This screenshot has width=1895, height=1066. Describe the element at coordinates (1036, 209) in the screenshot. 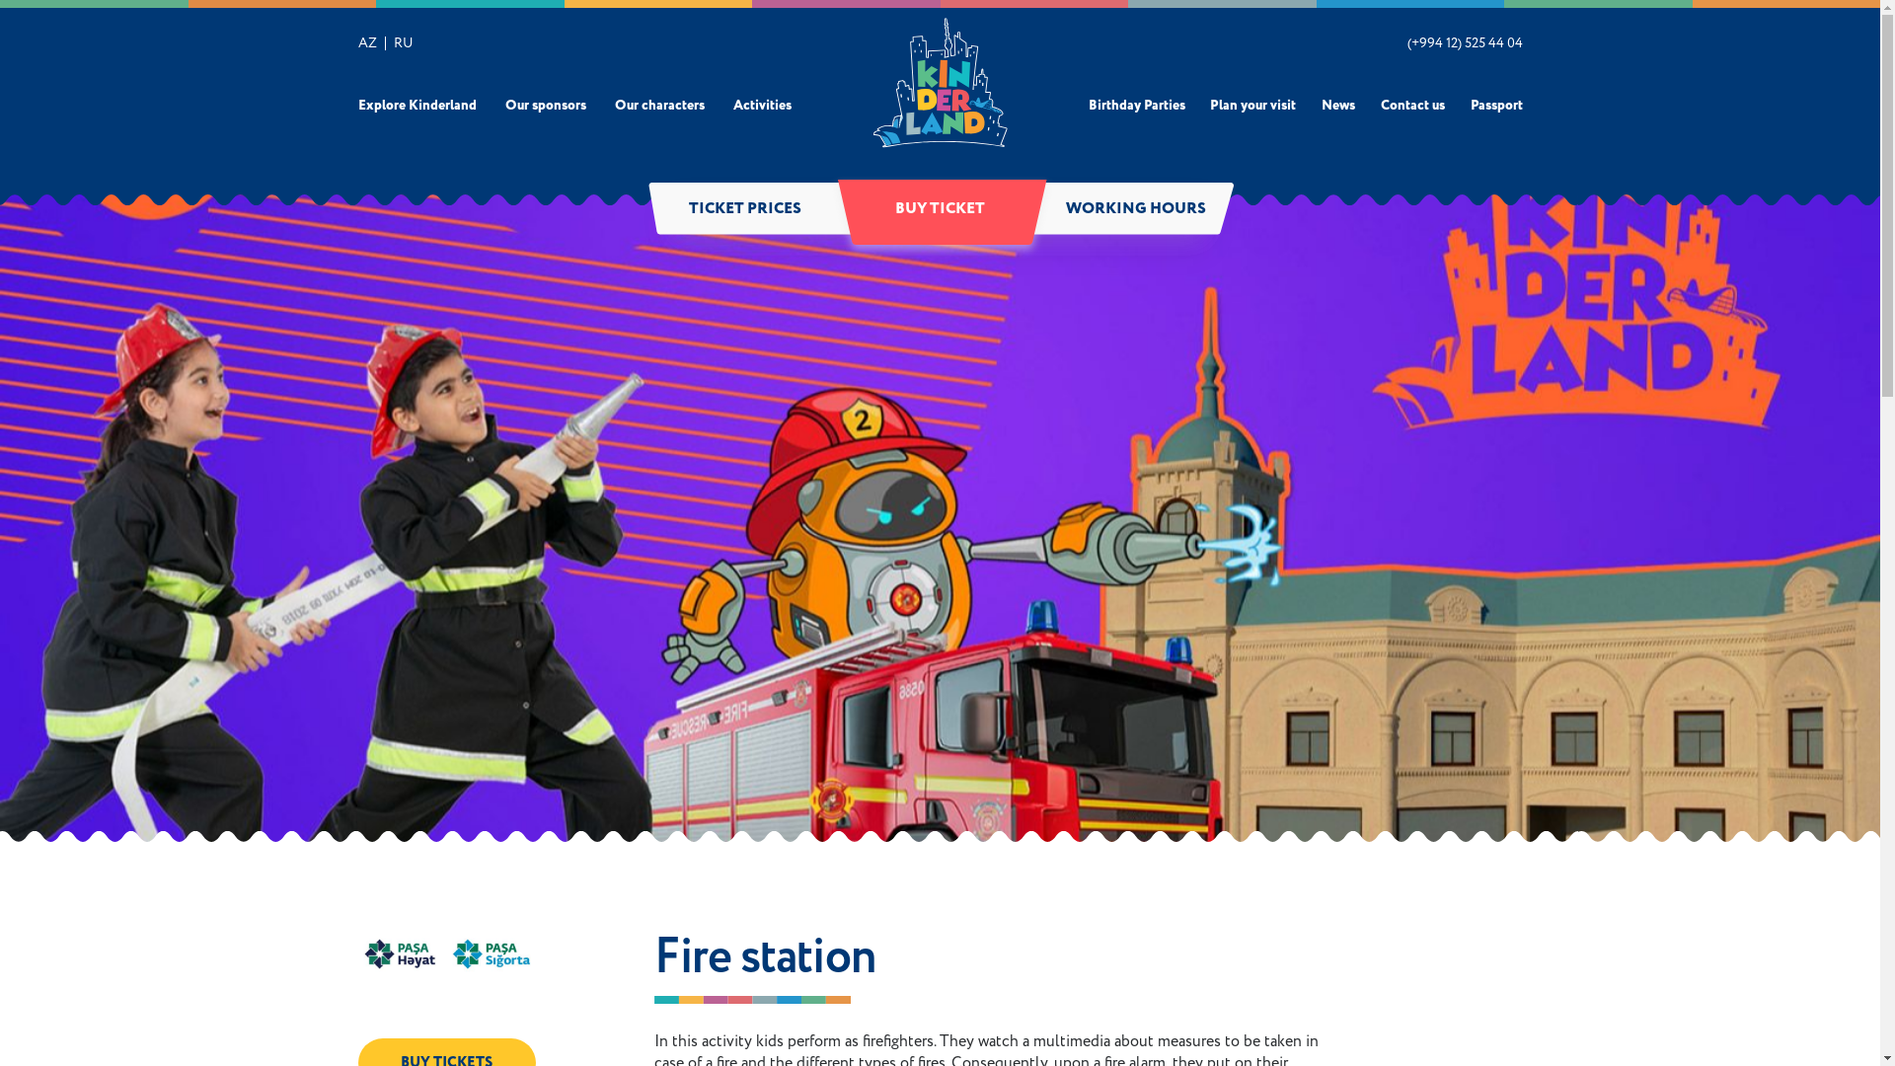

I see `'WORKING HOURS'` at that location.